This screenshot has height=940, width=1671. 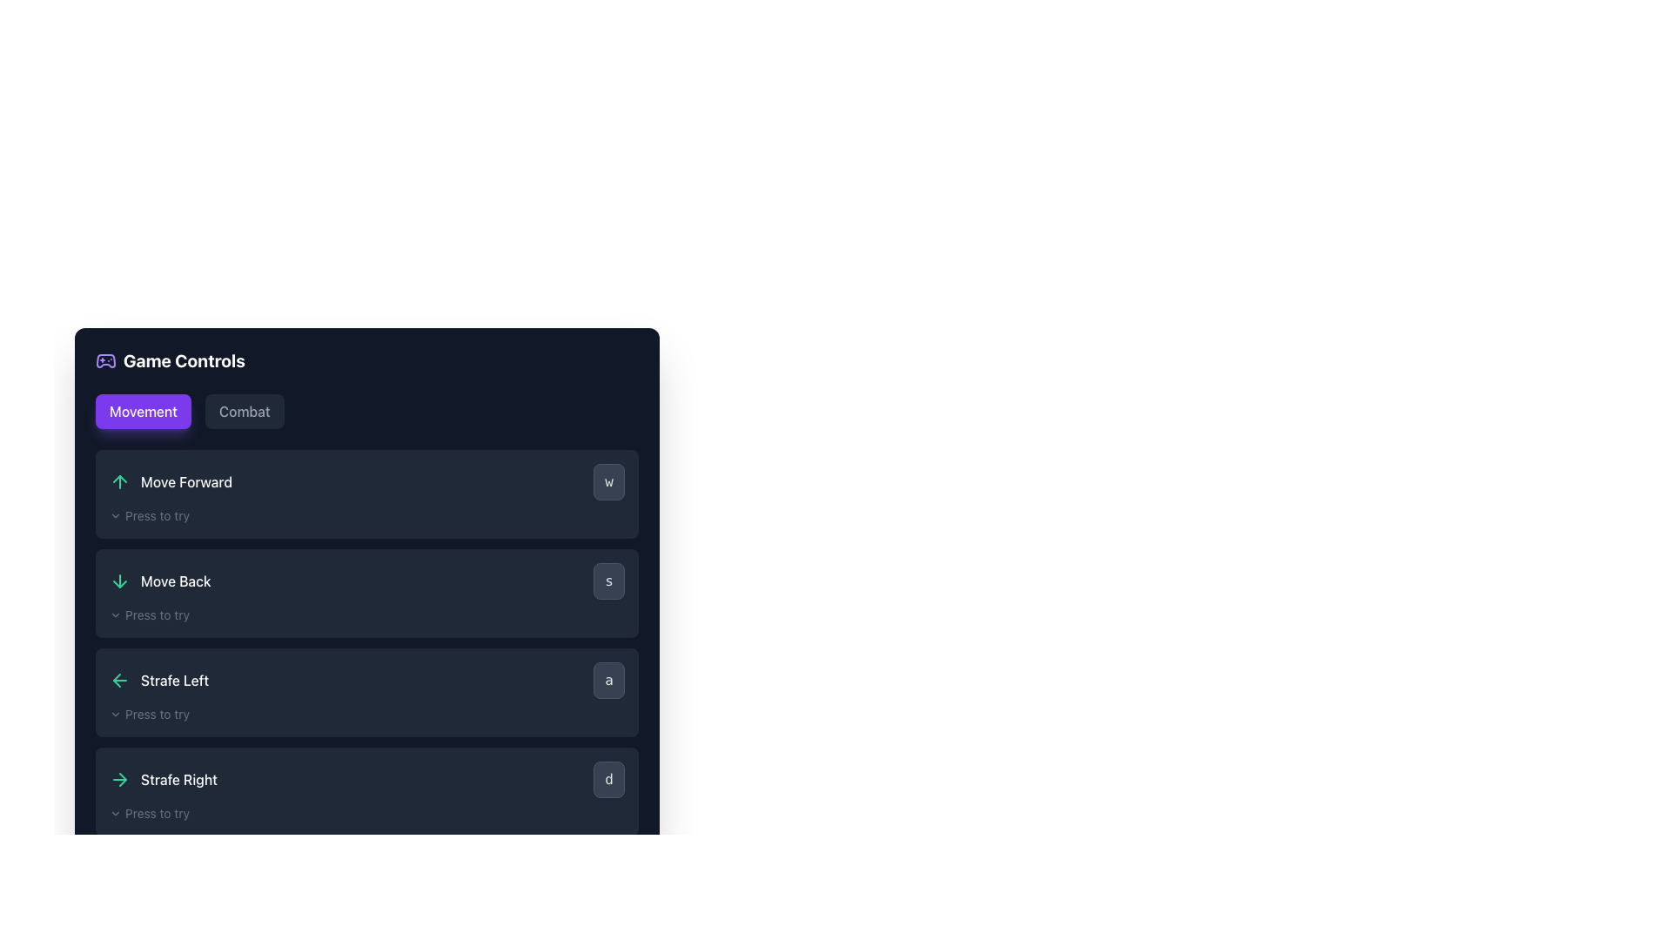 What do you see at coordinates (179, 778) in the screenshot?
I see `'Strafe Right' text label located towards the bottom of the 'Movement' section panel, which is the fourth text label in a vertical list of movement control descriptors` at bounding box center [179, 778].